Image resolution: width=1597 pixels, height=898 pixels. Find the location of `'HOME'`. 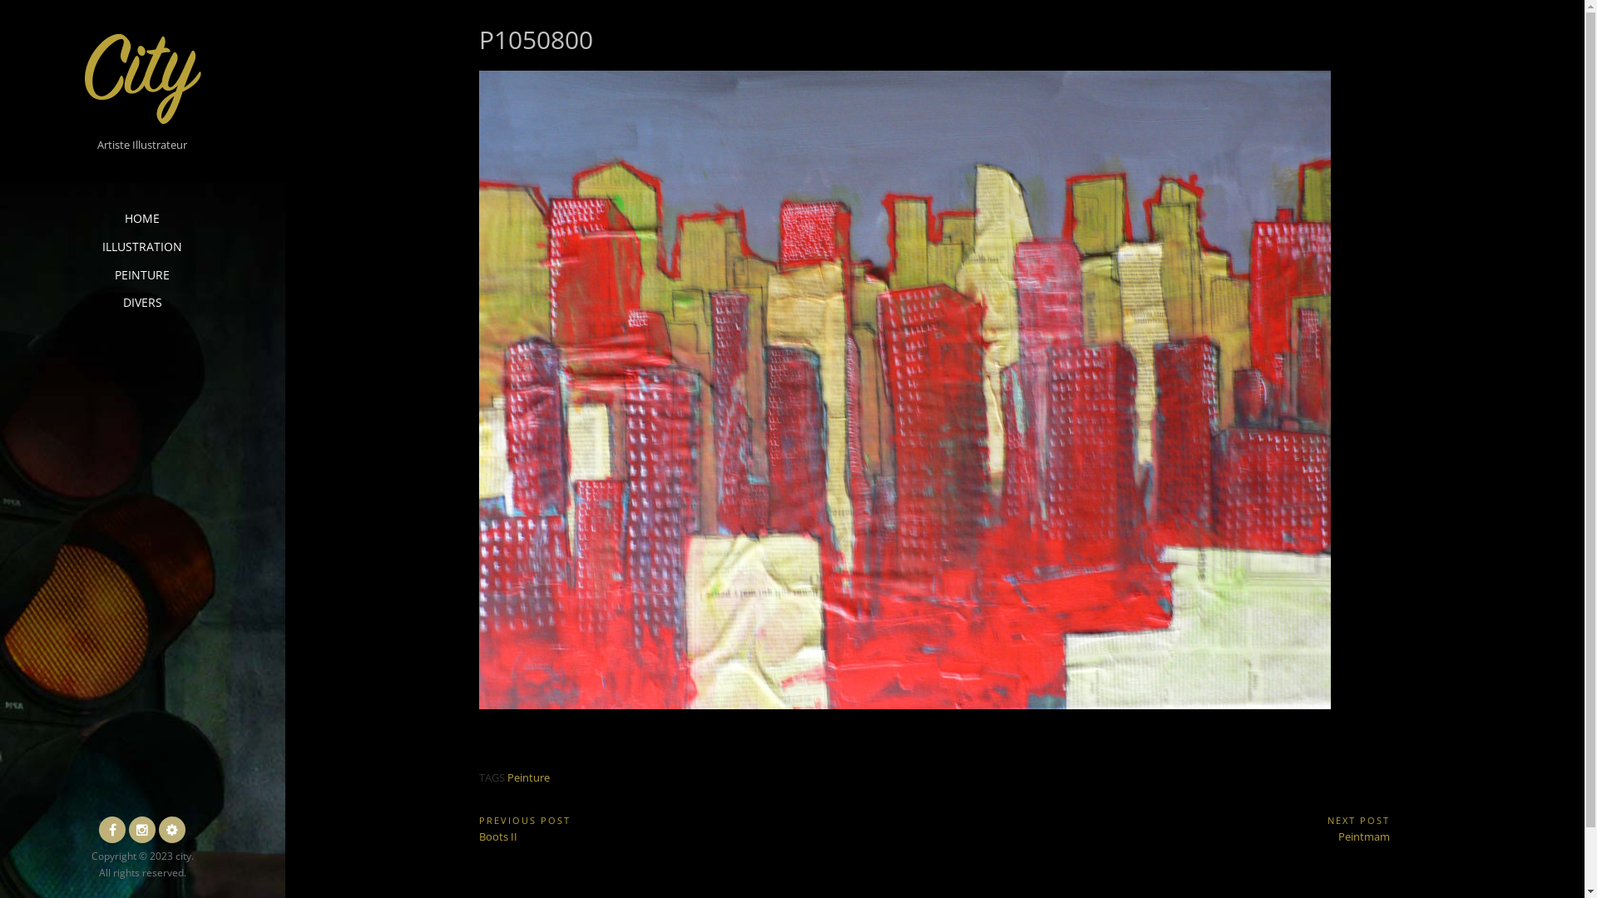

'HOME' is located at coordinates (142, 217).